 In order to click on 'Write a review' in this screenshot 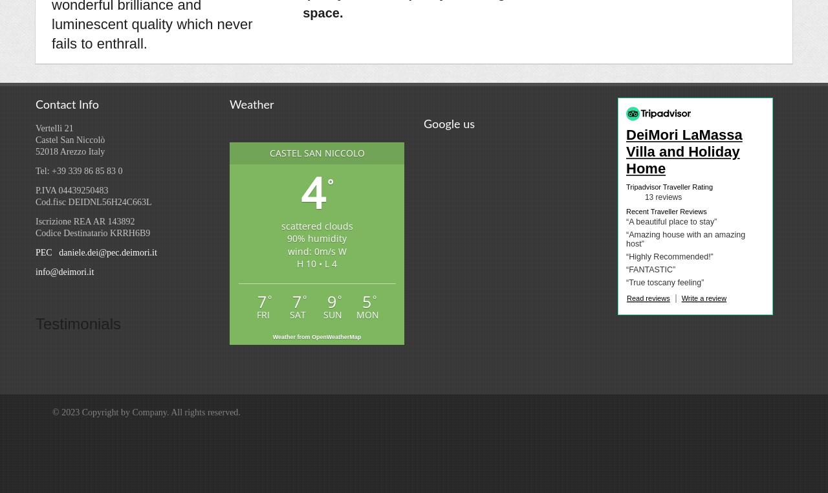, I will do `click(703, 298)`.